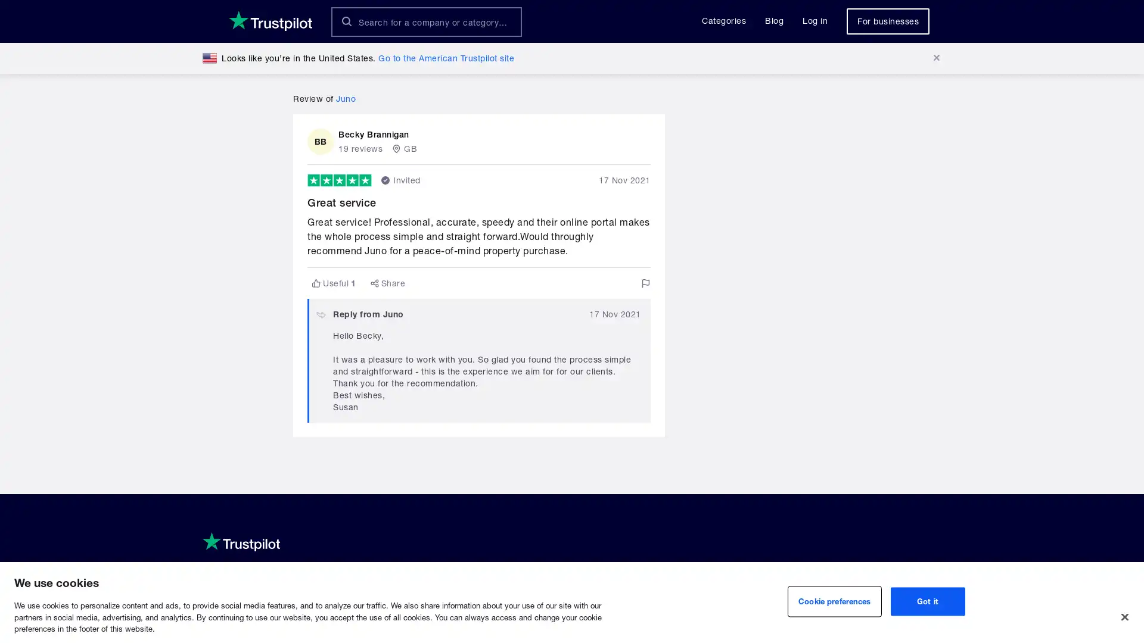  Describe the element at coordinates (387, 283) in the screenshot. I see `Share` at that location.